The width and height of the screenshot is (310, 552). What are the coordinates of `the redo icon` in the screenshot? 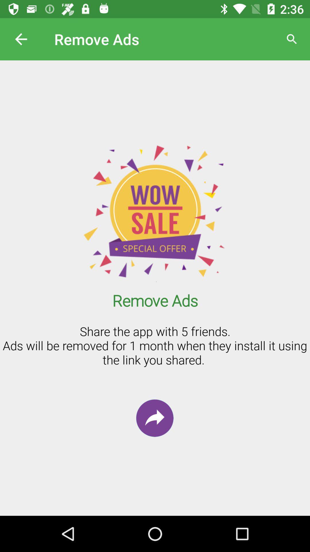 It's located at (154, 418).